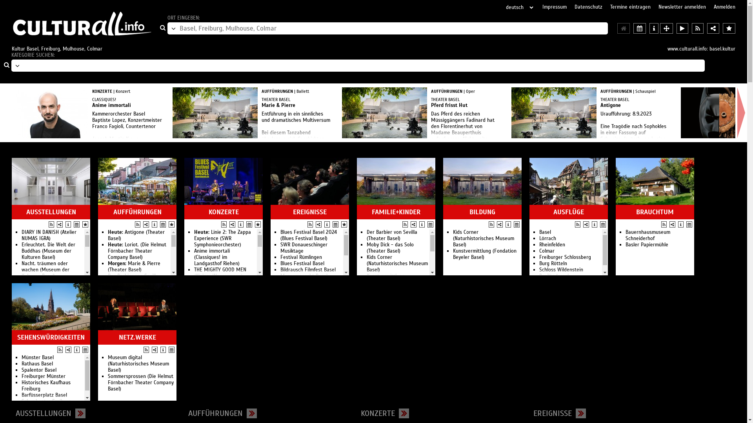  Describe the element at coordinates (488, 224) in the screenshot. I see `'RSS-Feed'` at that location.